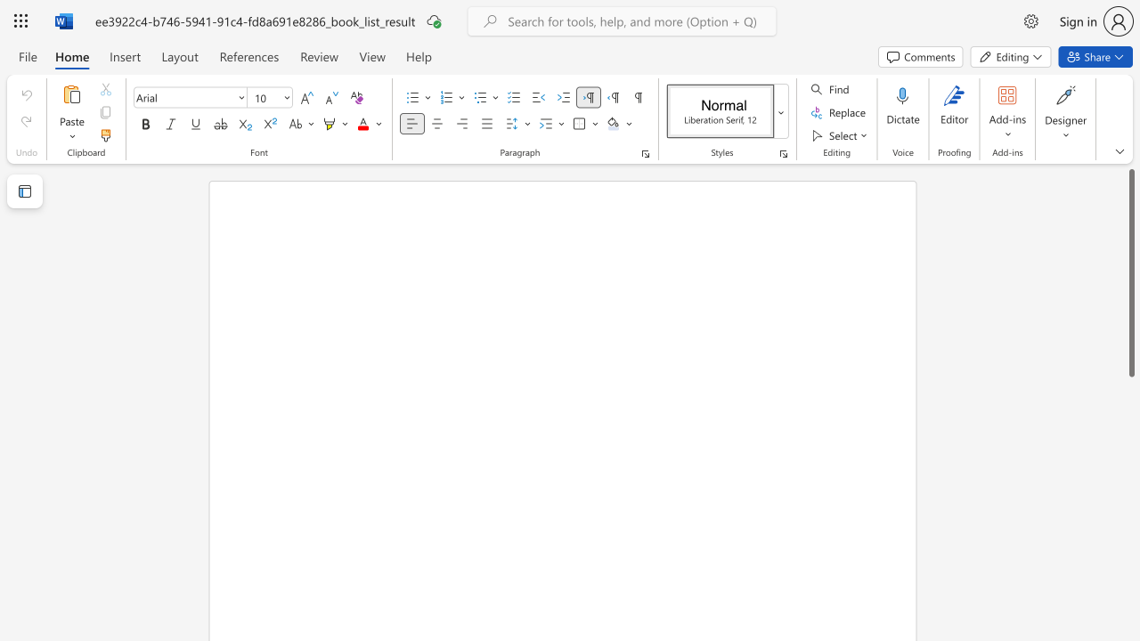 The width and height of the screenshot is (1140, 641). I want to click on the scrollbar to move the page downward, so click(1130, 418).